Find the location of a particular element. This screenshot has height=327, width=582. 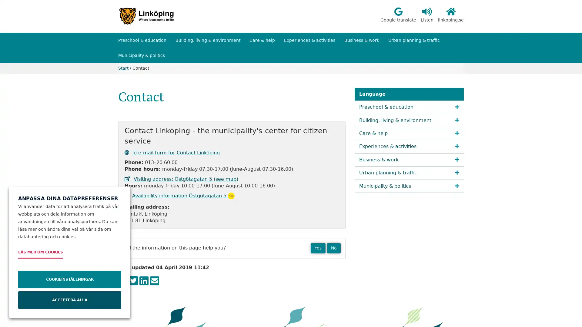

COOKIEINSTALLNINGAR is located at coordinates (70, 279).